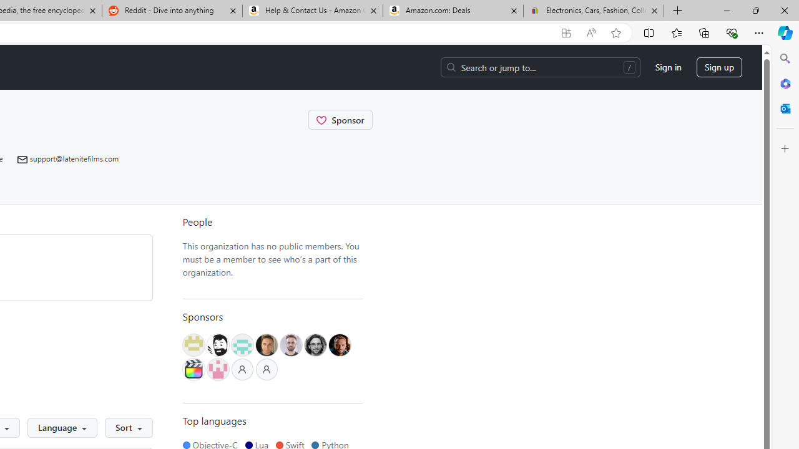 Image resolution: width=799 pixels, height=449 pixels. Describe the element at coordinates (67, 158) in the screenshot. I see `'support@latenitefilms.com'` at that location.